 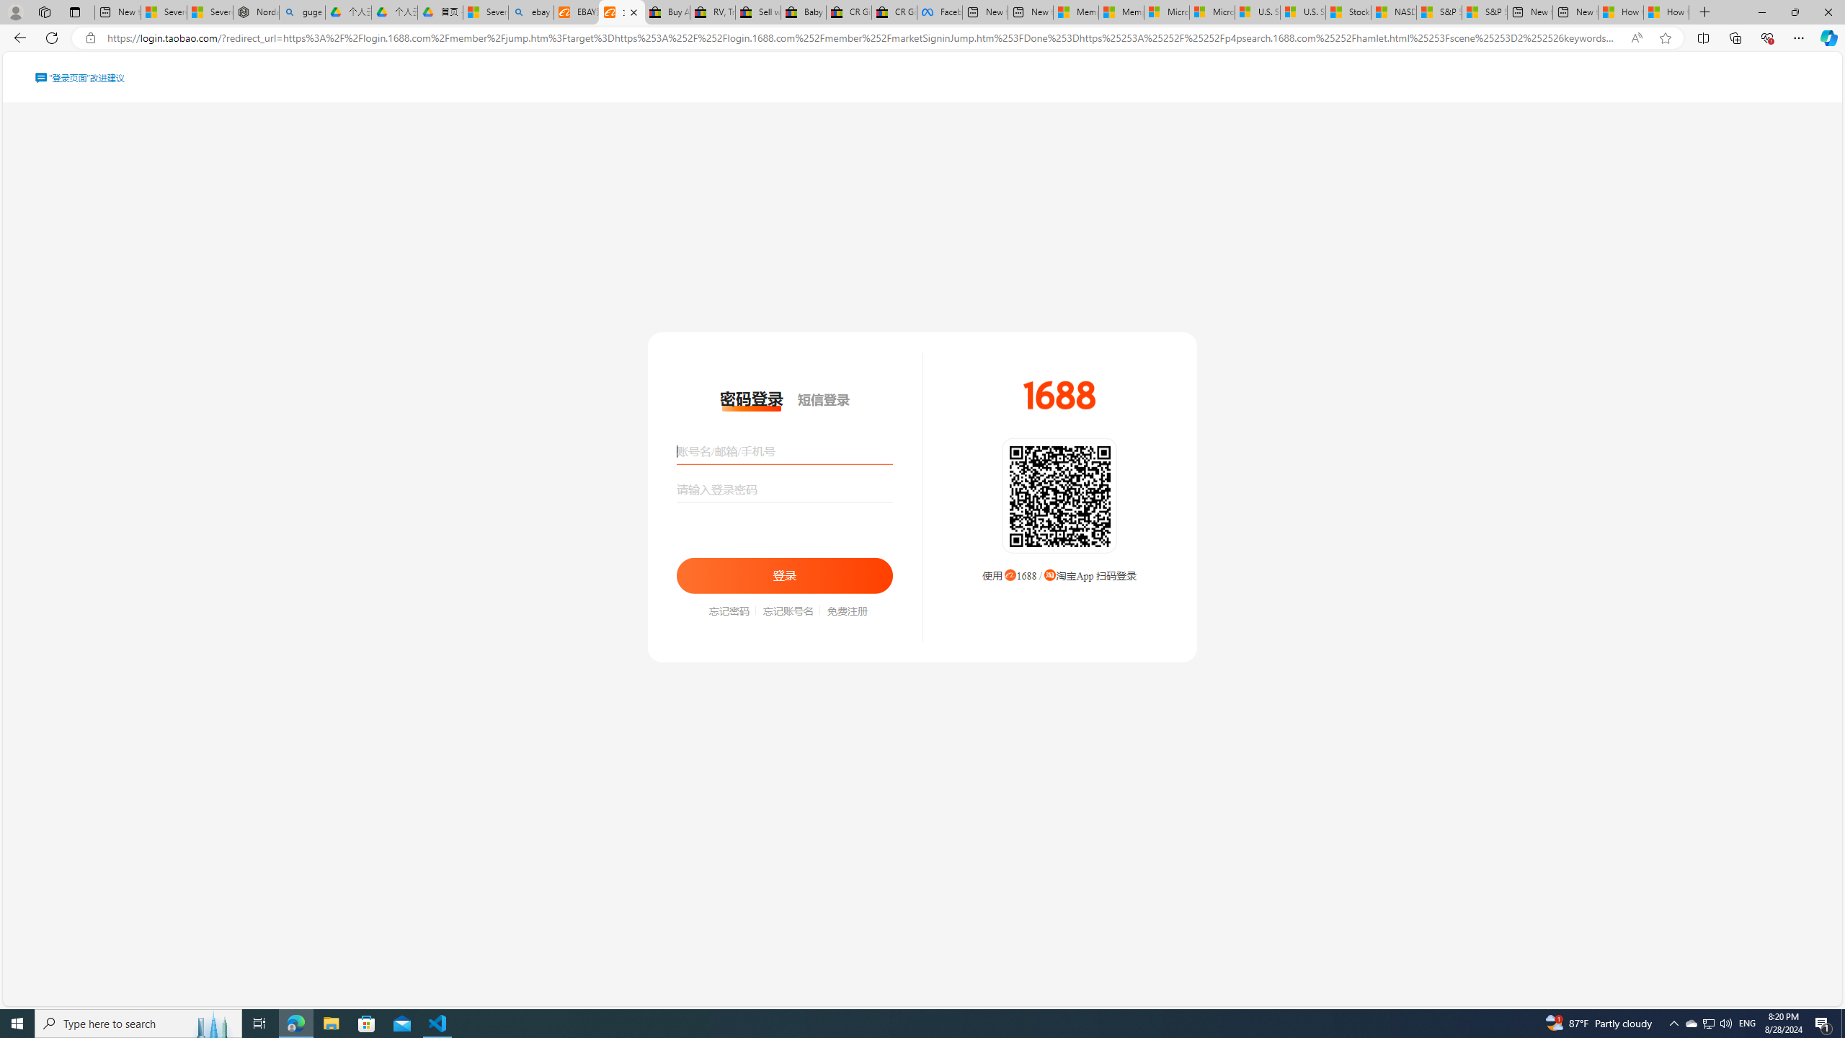 I want to click on 'Settings and more (Alt+F)', so click(x=1798, y=37).